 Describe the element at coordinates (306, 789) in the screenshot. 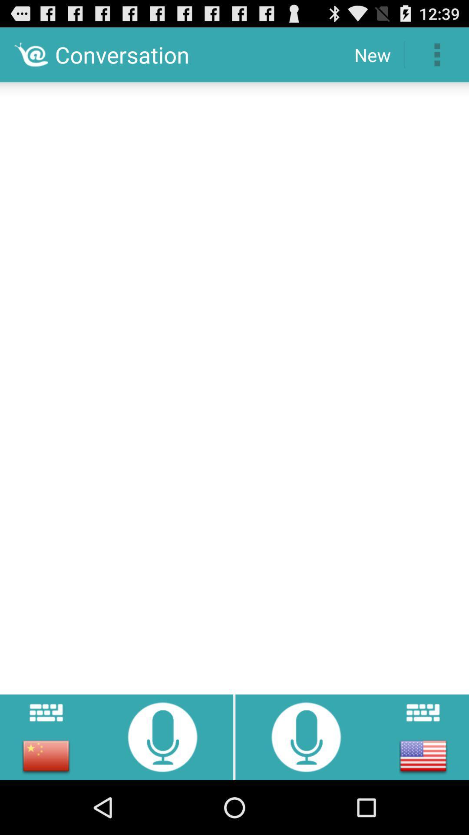

I see `the microphone icon` at that location.